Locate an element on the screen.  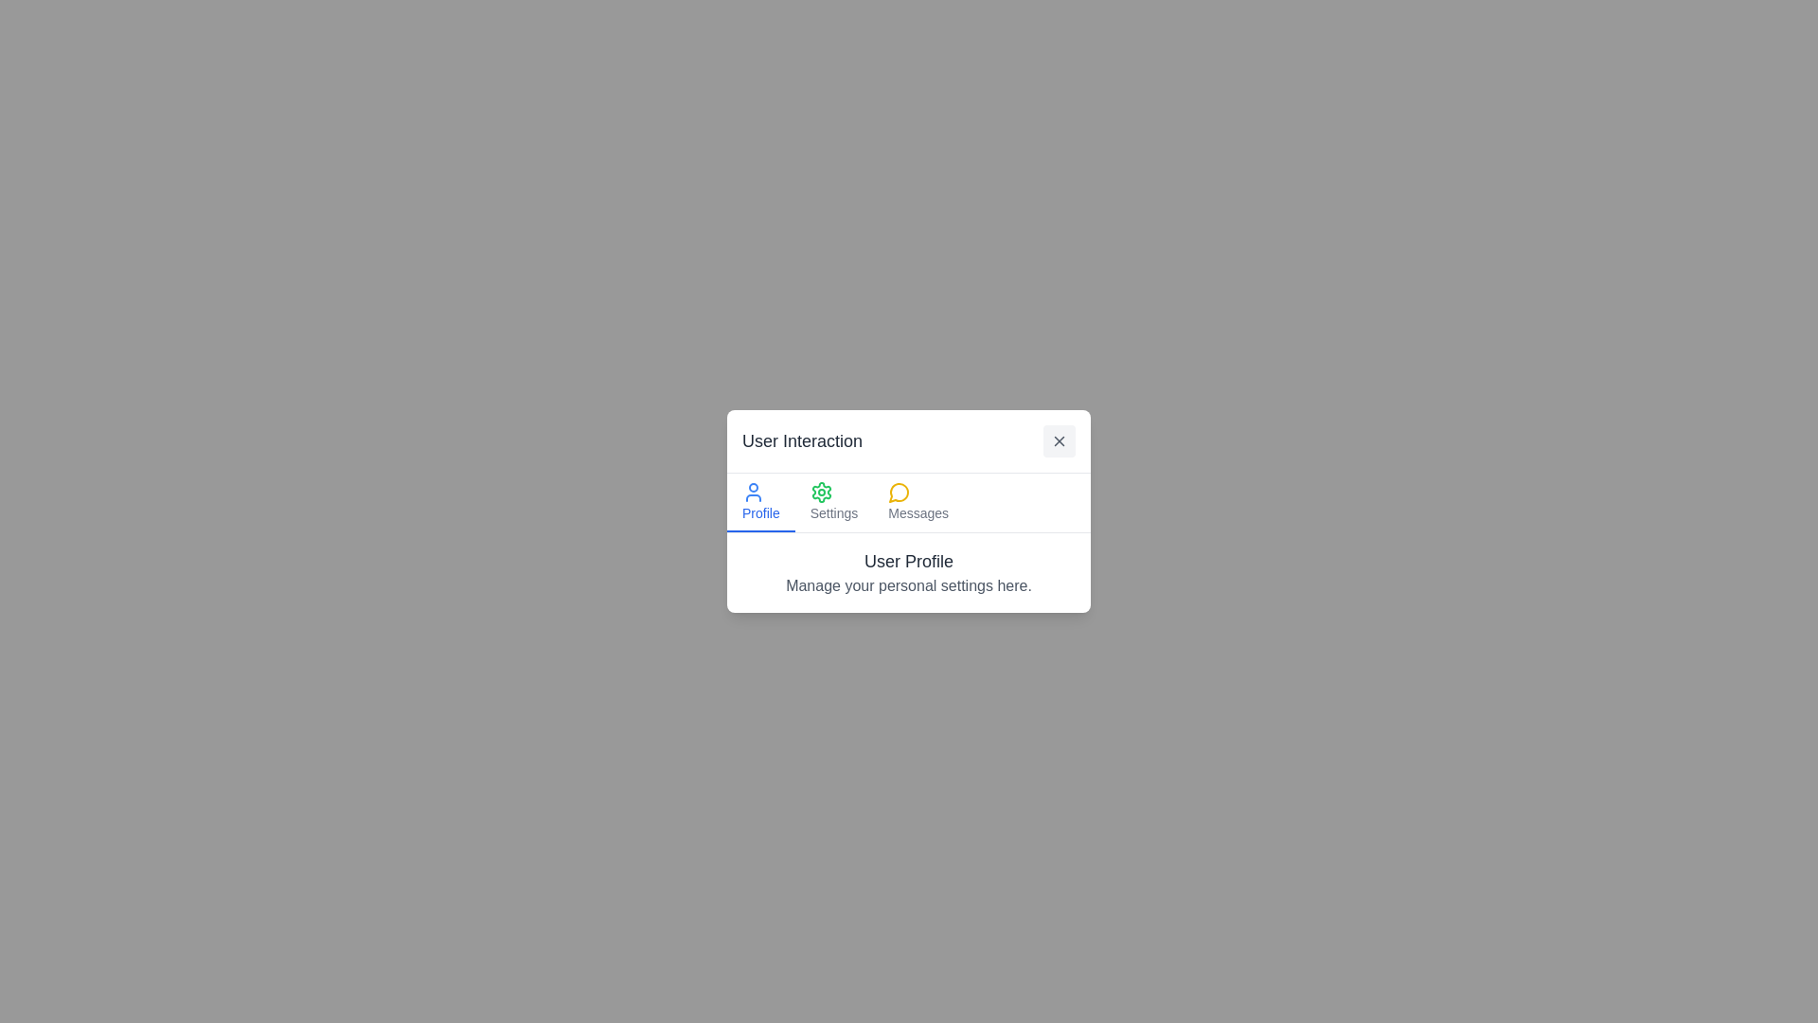
the green gear icon located in the modal window, which is the second icon from the left is located at coordinates (821, 492).